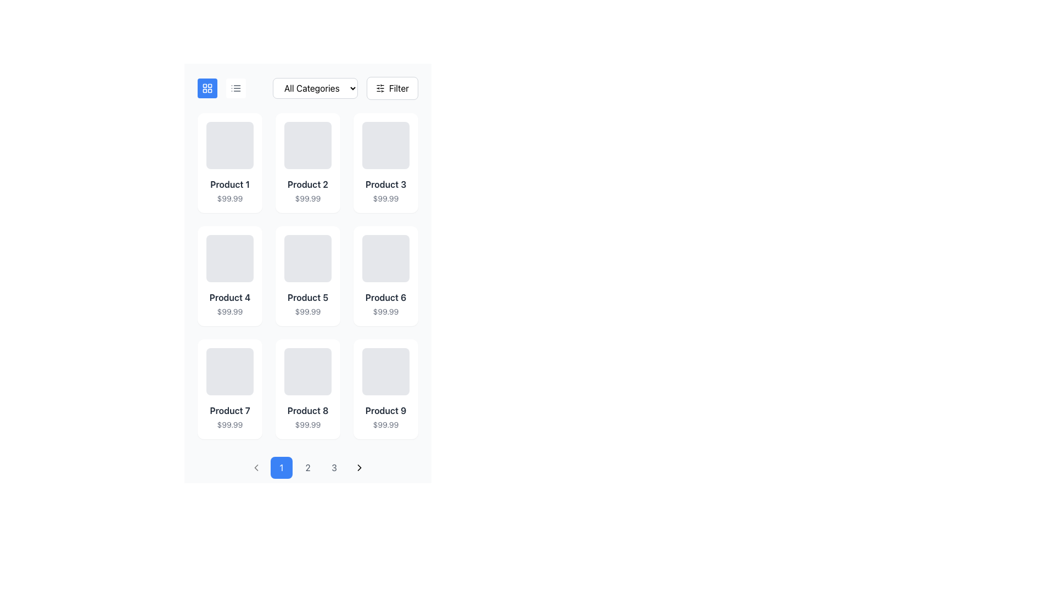 This screenshot has width=1054, height=593. I want to click on the 'previous' button, which is a left-pointing chevron icon embedded in a circular button located at the bottom left of the pagination controls, so click(255, 468).